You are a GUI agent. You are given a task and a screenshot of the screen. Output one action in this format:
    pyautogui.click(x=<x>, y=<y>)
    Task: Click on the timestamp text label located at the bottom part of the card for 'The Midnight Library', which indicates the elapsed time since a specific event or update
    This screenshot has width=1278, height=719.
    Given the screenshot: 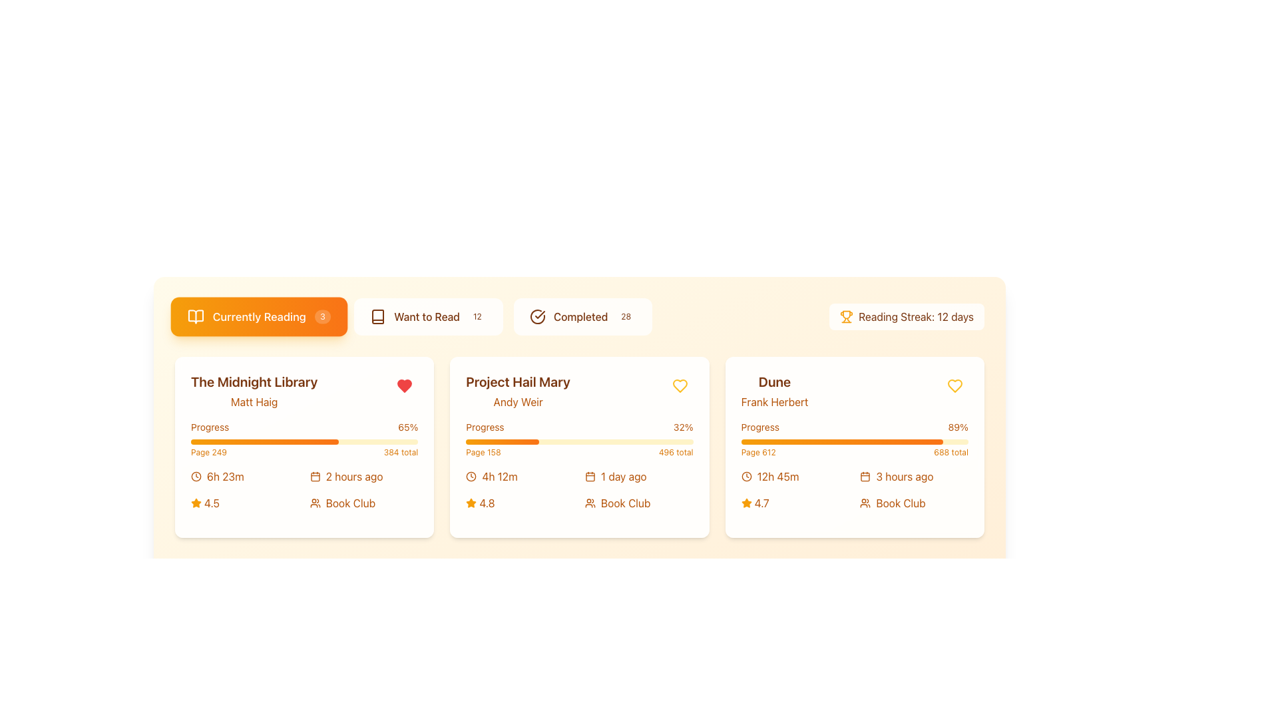 What is the action you would take?
    pyautogui.click(x=354, y=476)
    